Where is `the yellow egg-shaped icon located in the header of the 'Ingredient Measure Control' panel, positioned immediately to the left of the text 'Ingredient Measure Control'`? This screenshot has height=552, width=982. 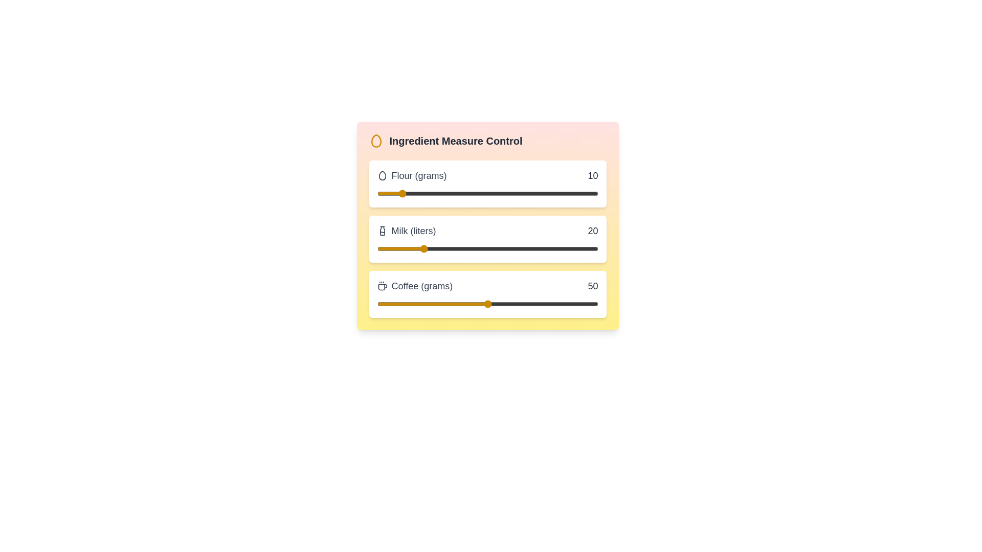 the yellow egg-shaped icon located in the header of the 'Ingredient Measure Control' panel, positioned immediately to the left of the text 'Ingredient Measure Control' is located at coordinates (375, 141).